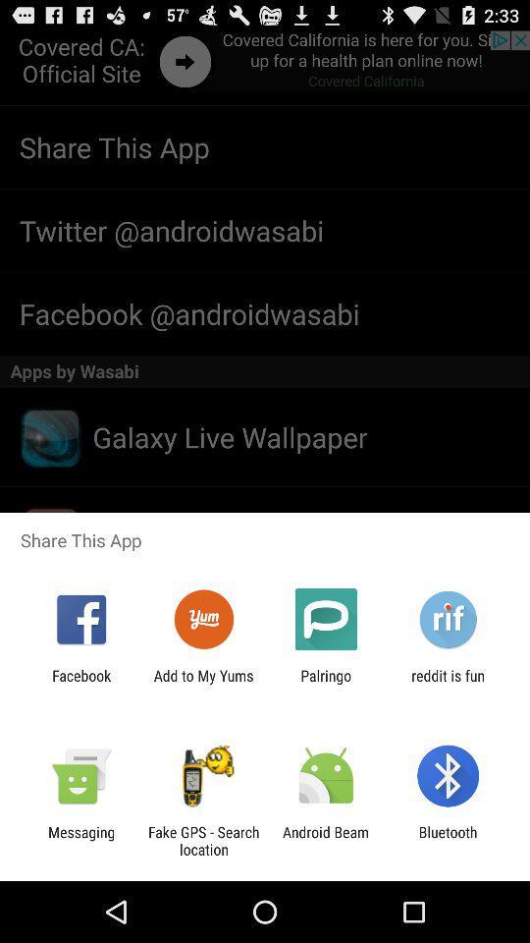  I want to click on the icon next to the facebook, so click(202, 684).